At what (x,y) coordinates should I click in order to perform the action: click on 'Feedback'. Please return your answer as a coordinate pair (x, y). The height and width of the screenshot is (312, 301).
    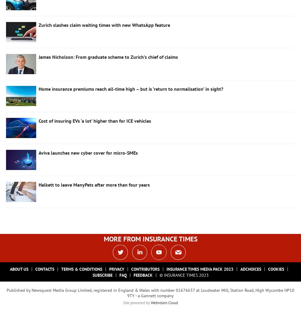
    Looking at the image, I should click on (142, 275).